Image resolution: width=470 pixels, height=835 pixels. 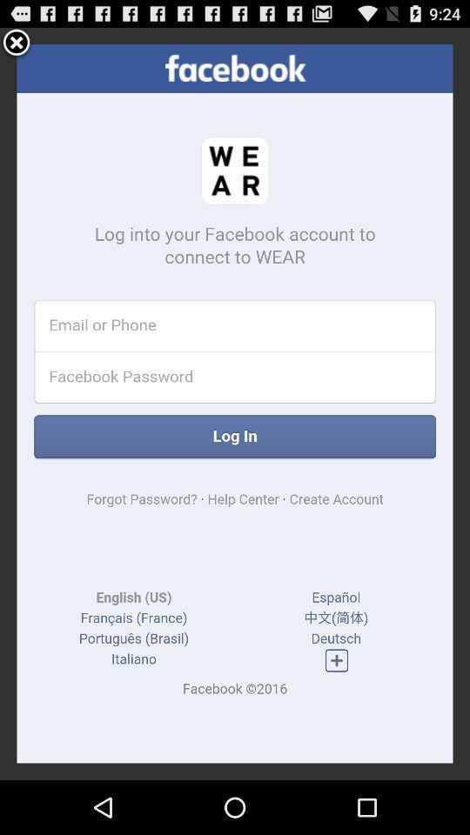 I want to click on the close icon, so click(x=16, y=46).